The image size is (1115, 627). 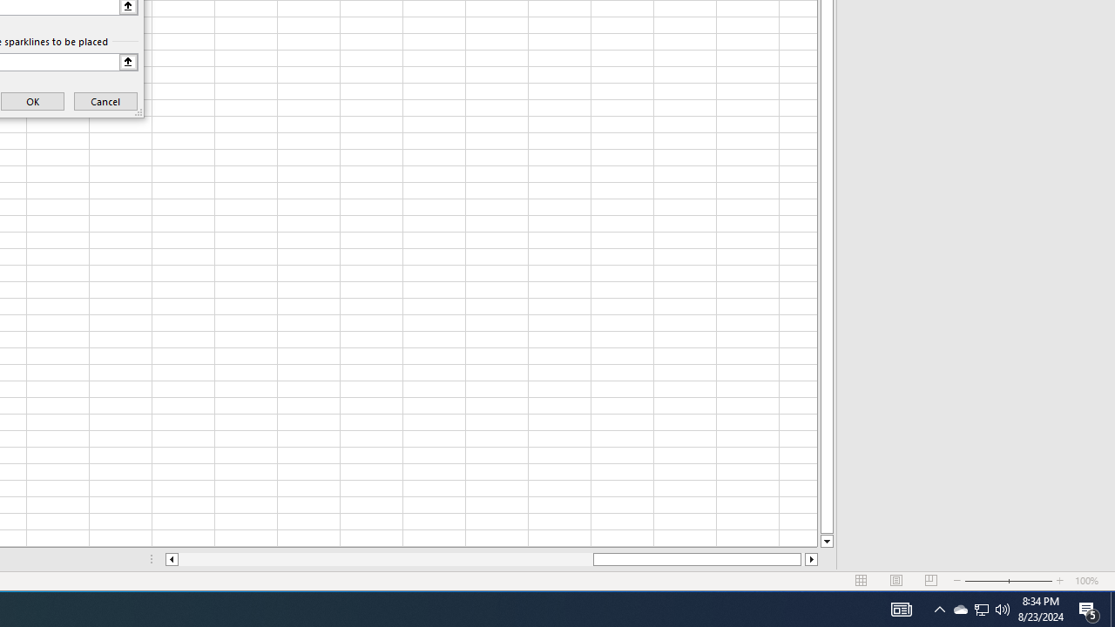 I want to click on 'Page right', so click(x=802, y=559).